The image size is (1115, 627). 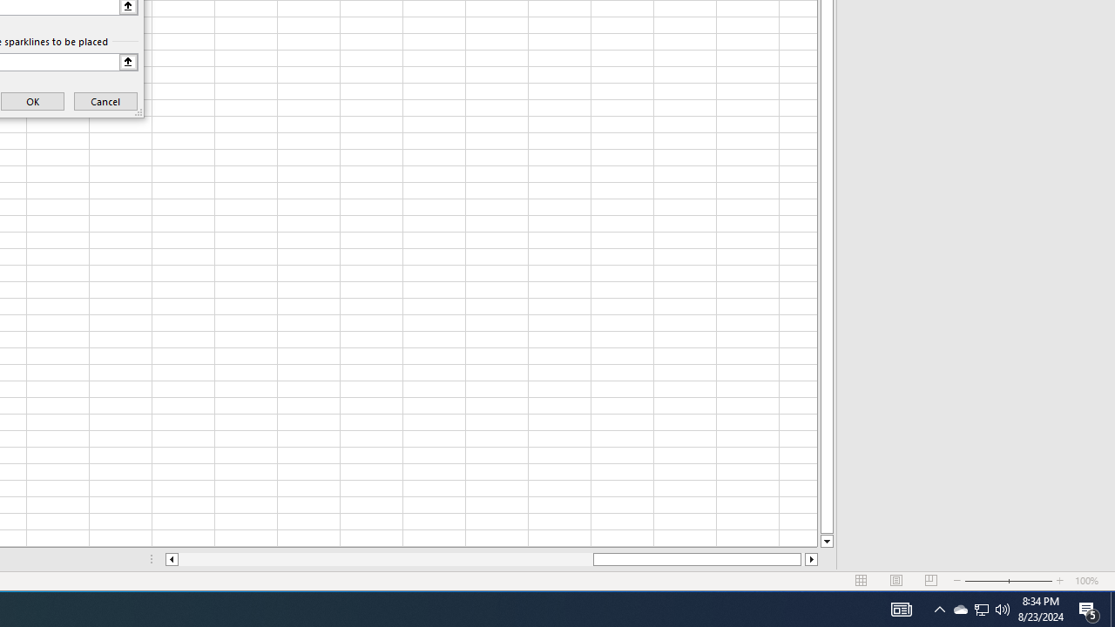 I want to click on 'Page right', so click(x=802, y=559).